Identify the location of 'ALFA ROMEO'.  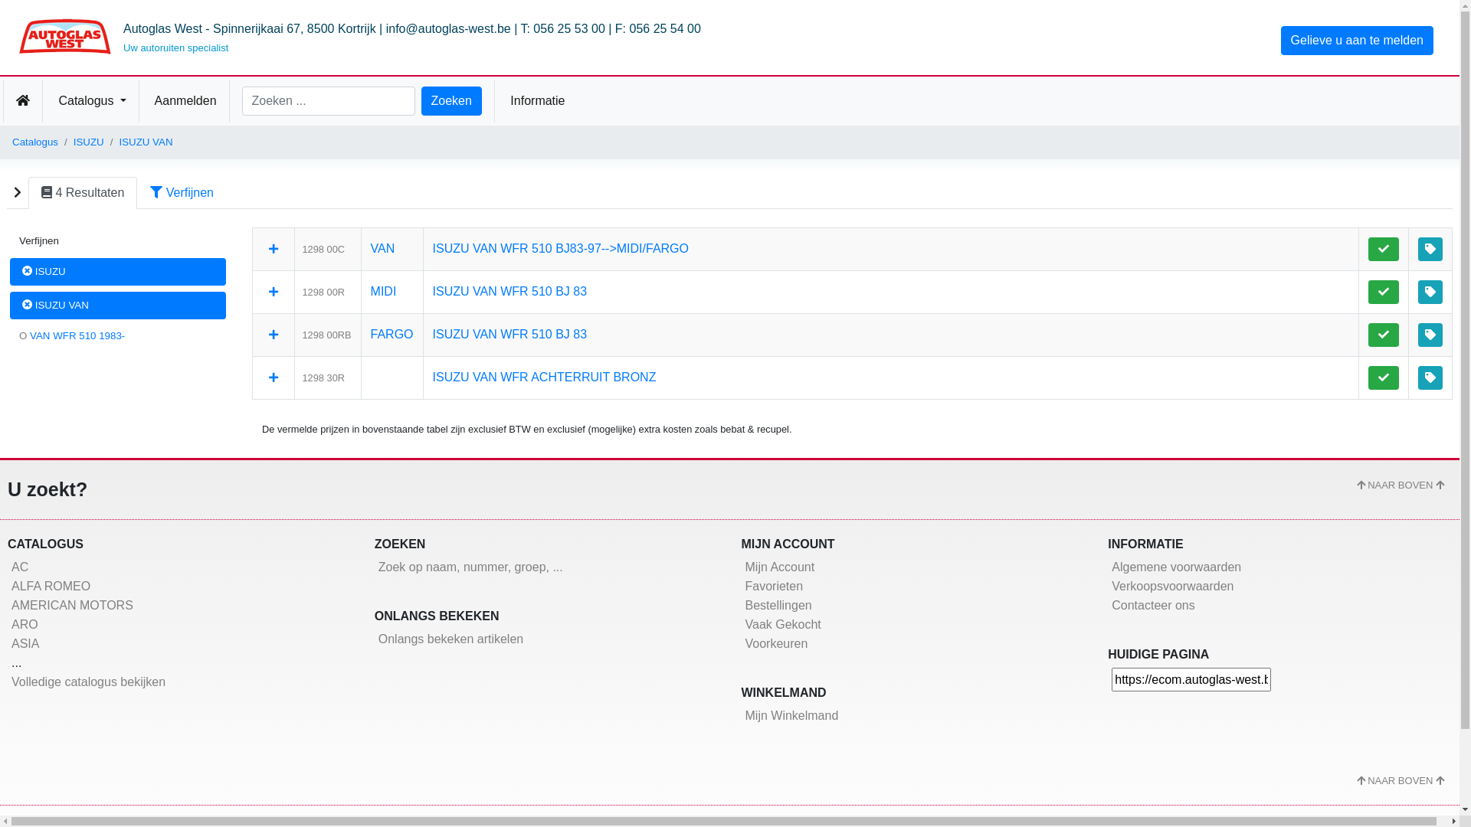
(51, 586).